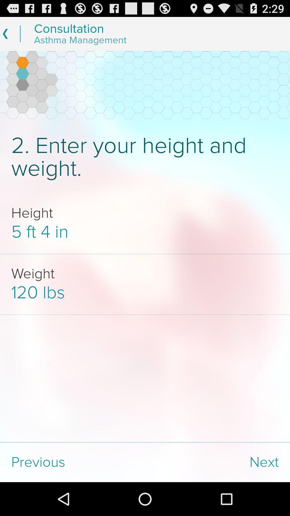  What do you see at coordinates (73, 462) in the screenshot?
I see `the previous icon` at bounding box center [73, 462].